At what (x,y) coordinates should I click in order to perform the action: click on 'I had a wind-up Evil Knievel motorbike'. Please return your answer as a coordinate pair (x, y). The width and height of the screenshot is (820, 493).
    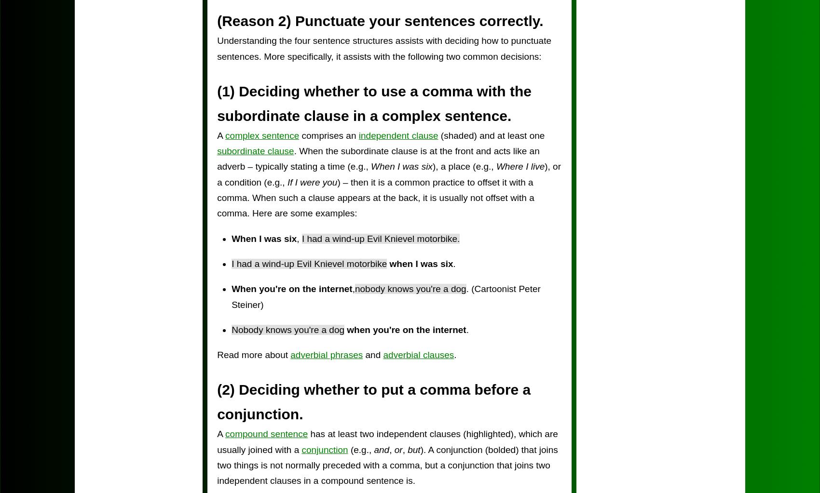
    Looking at the image, I should click on (309, 263).